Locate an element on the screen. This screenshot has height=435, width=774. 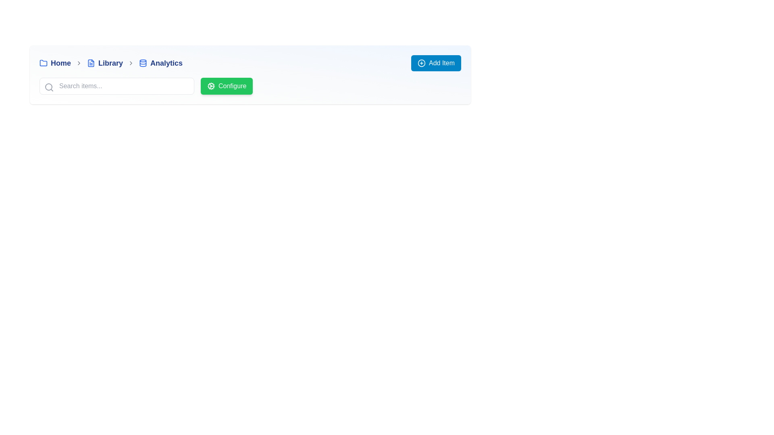
the 'Analytics' text label within the breadcrumb navigation bar is located at coordinates (166, 63).